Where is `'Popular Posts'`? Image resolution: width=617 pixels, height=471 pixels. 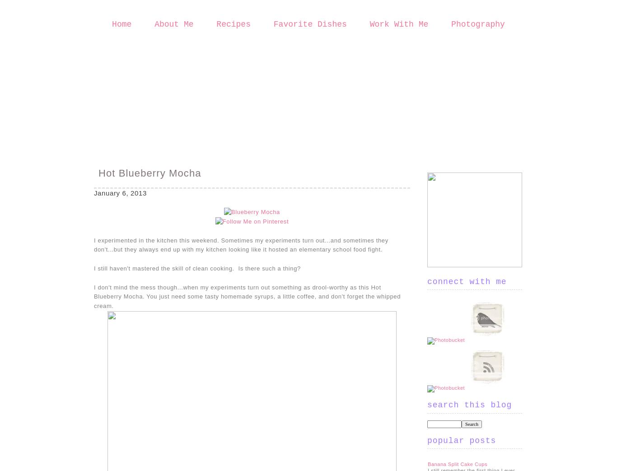 'Popular Posts' is located at coordinates (462, 440).